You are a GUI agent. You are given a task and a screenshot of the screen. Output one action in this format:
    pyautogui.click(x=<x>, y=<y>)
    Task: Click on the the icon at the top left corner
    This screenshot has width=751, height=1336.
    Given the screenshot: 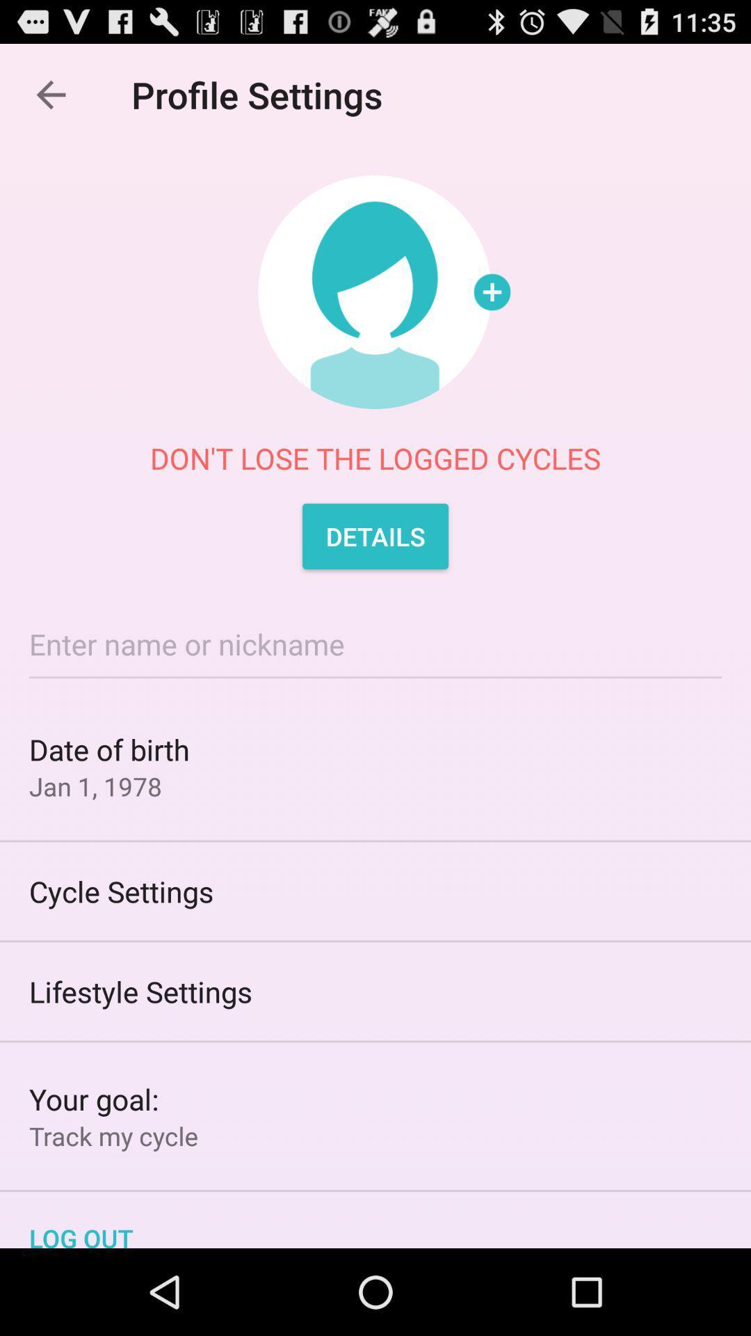 What is the action you would take?
    pyautogui.click(x=50, y=94)
    